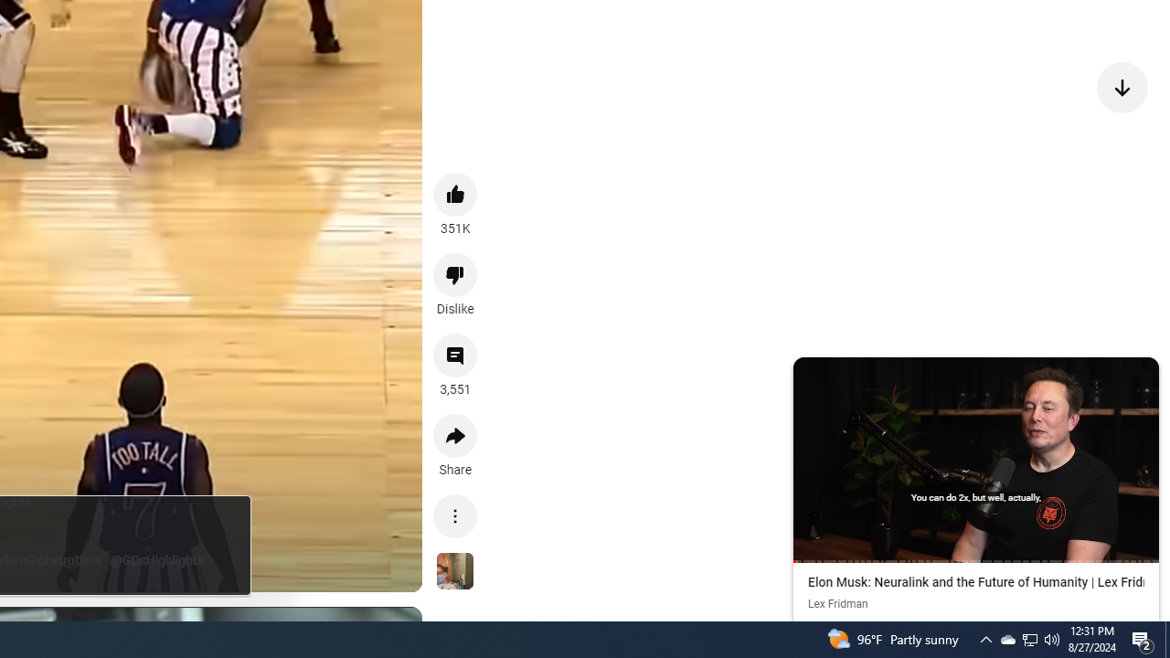 This screenshot has height=658, width=1170. What do you see at coordinates (455, 436) in the screenshot?
I see `'Share'` at bounding box center [455, 436].